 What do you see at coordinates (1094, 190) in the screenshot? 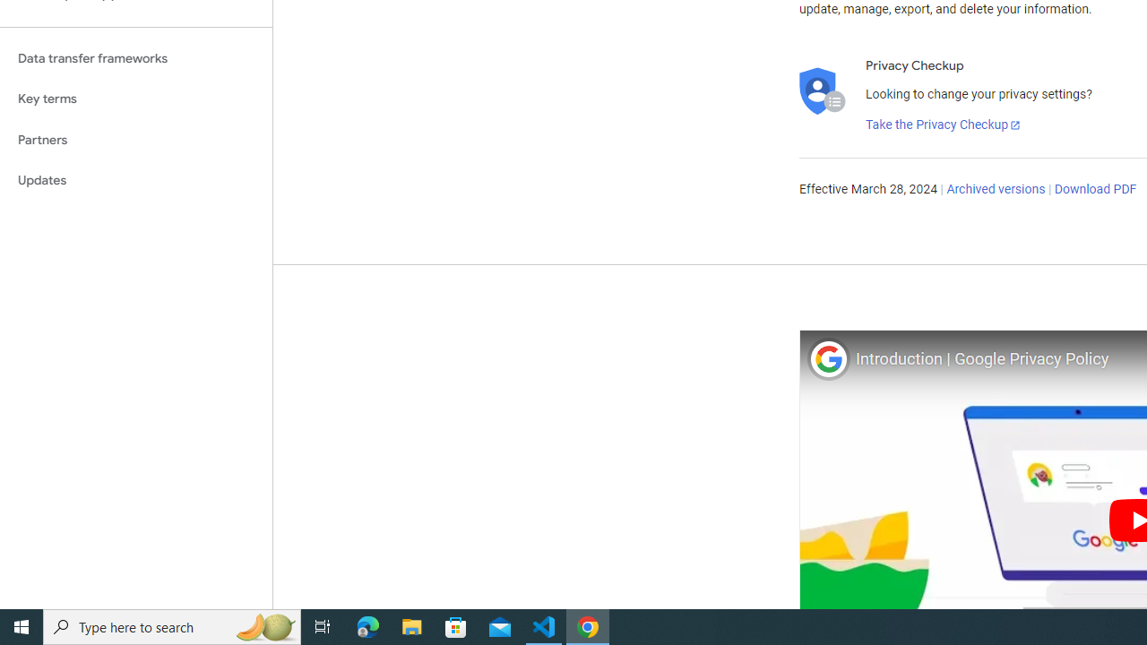
I see `'Download PDF'` at bounding box center [1094, 190].